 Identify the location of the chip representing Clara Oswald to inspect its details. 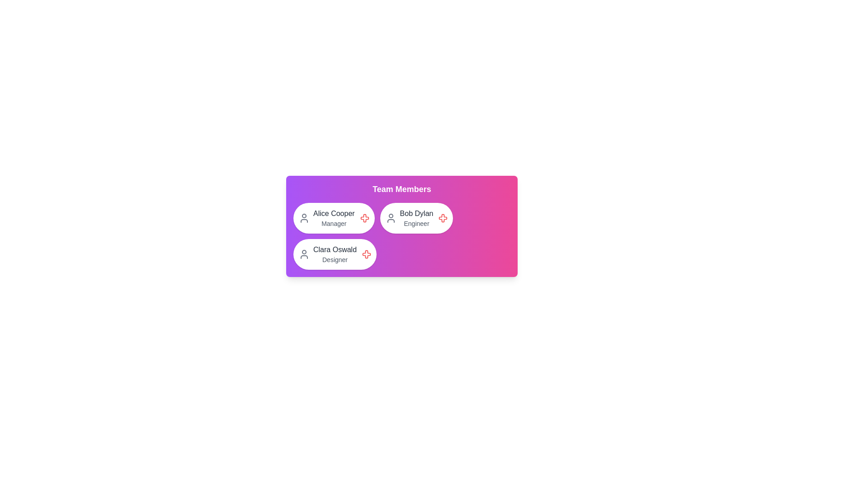
(334, 254).